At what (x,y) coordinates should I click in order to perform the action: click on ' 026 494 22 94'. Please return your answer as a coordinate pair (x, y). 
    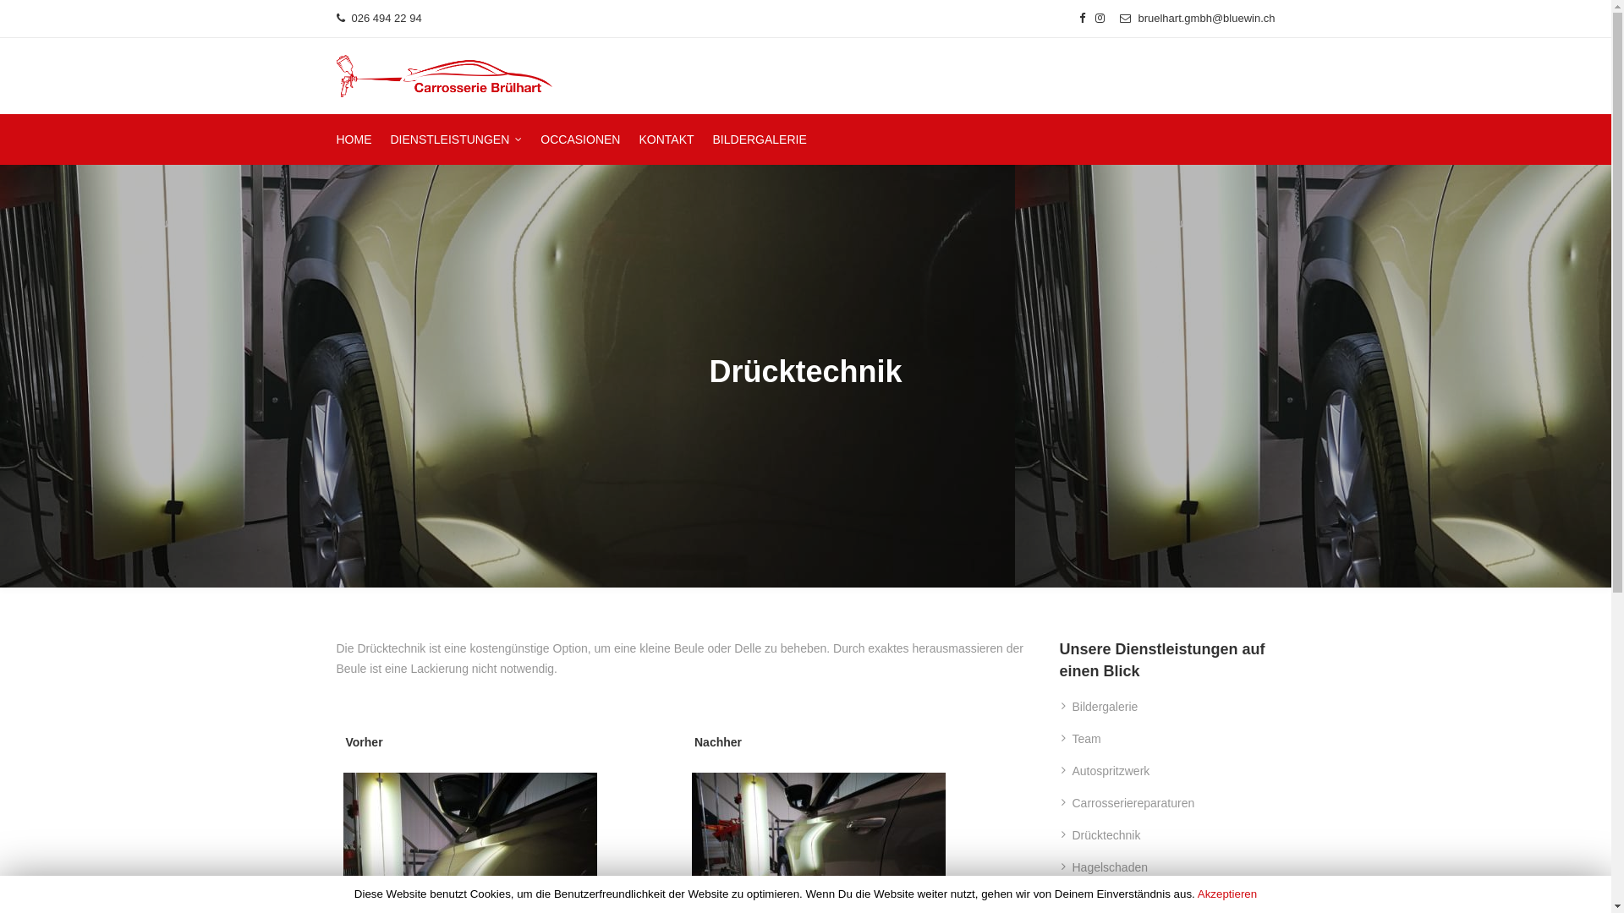
    Looking at the image, I should click on (378, 18).